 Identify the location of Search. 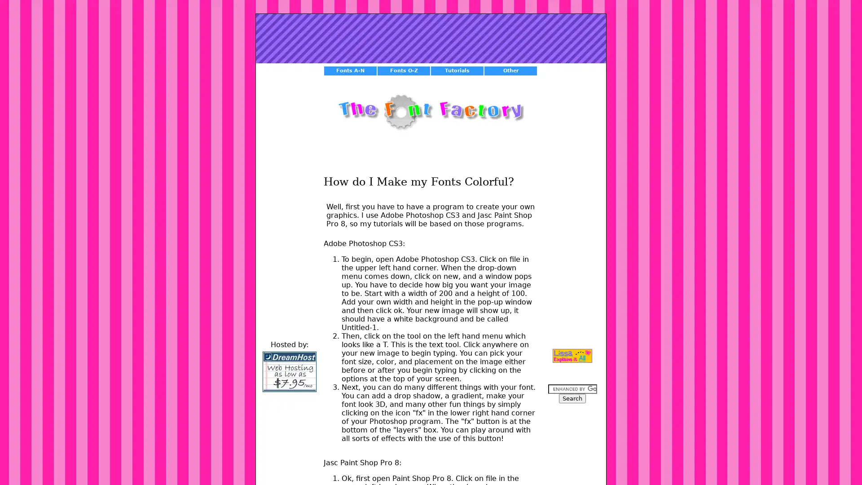
(572, 398).